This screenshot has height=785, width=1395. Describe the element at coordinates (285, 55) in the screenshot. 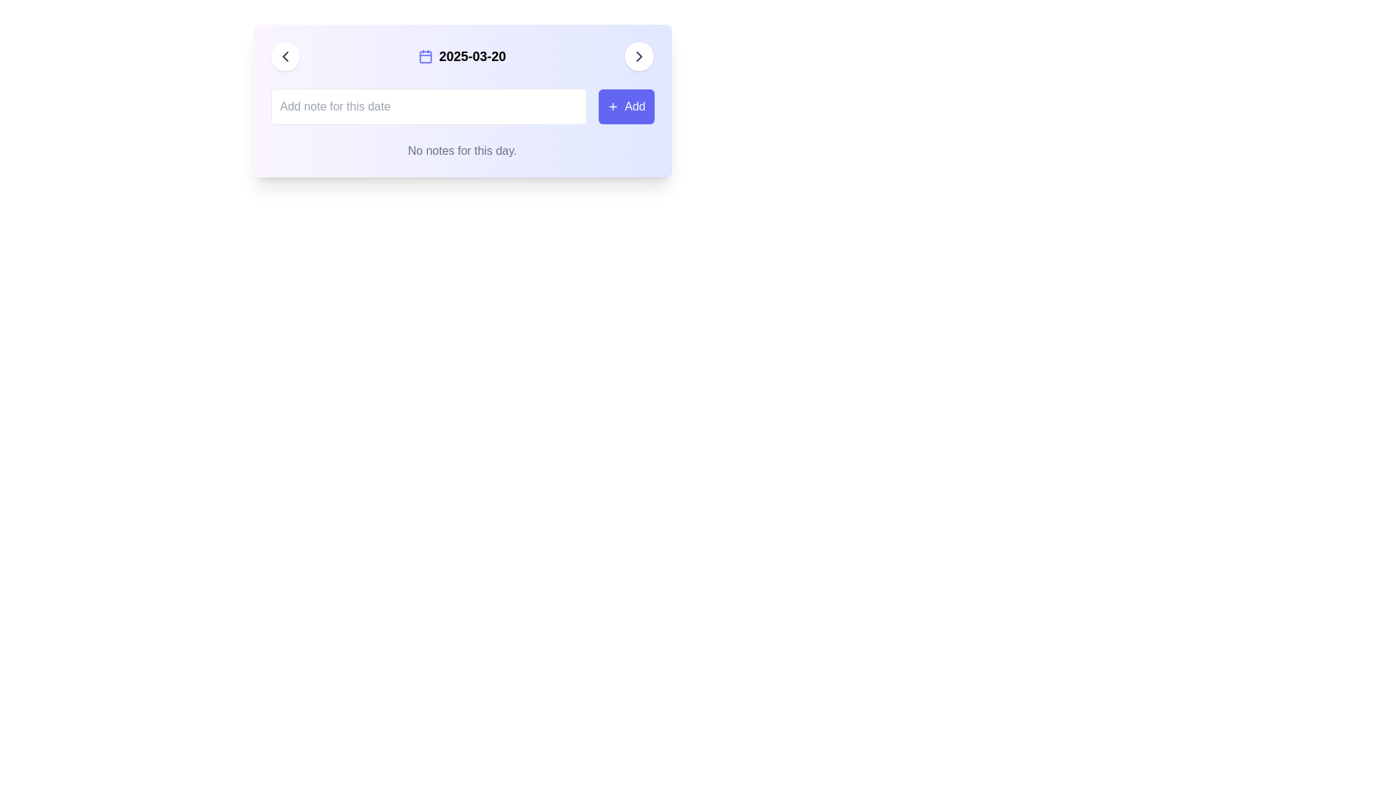

I see `the vector graphic icon button located near the top-left corner of the interface to activate the tooltip or highlight effect` at that location.